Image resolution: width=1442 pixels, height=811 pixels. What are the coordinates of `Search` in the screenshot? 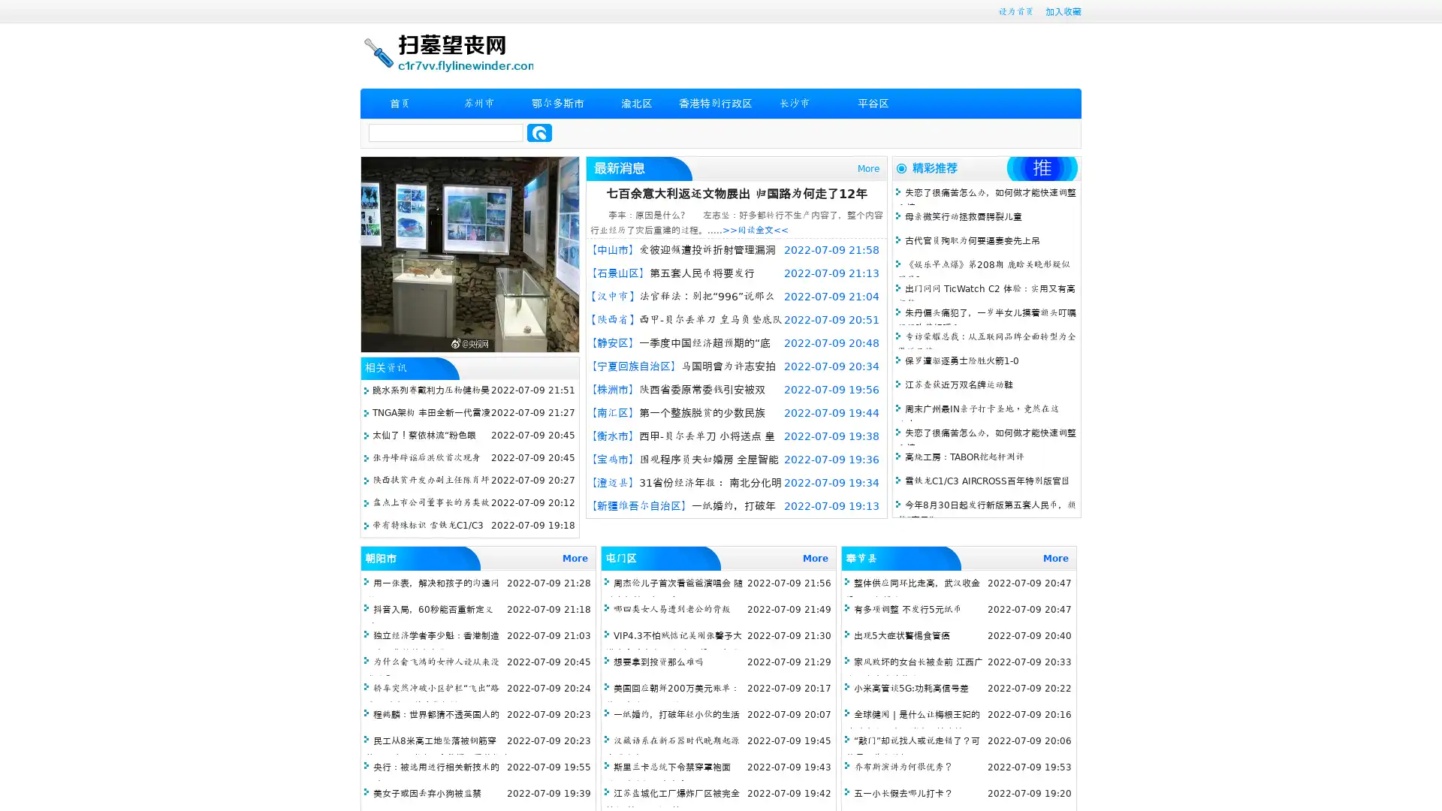 It's located at (539, 132).